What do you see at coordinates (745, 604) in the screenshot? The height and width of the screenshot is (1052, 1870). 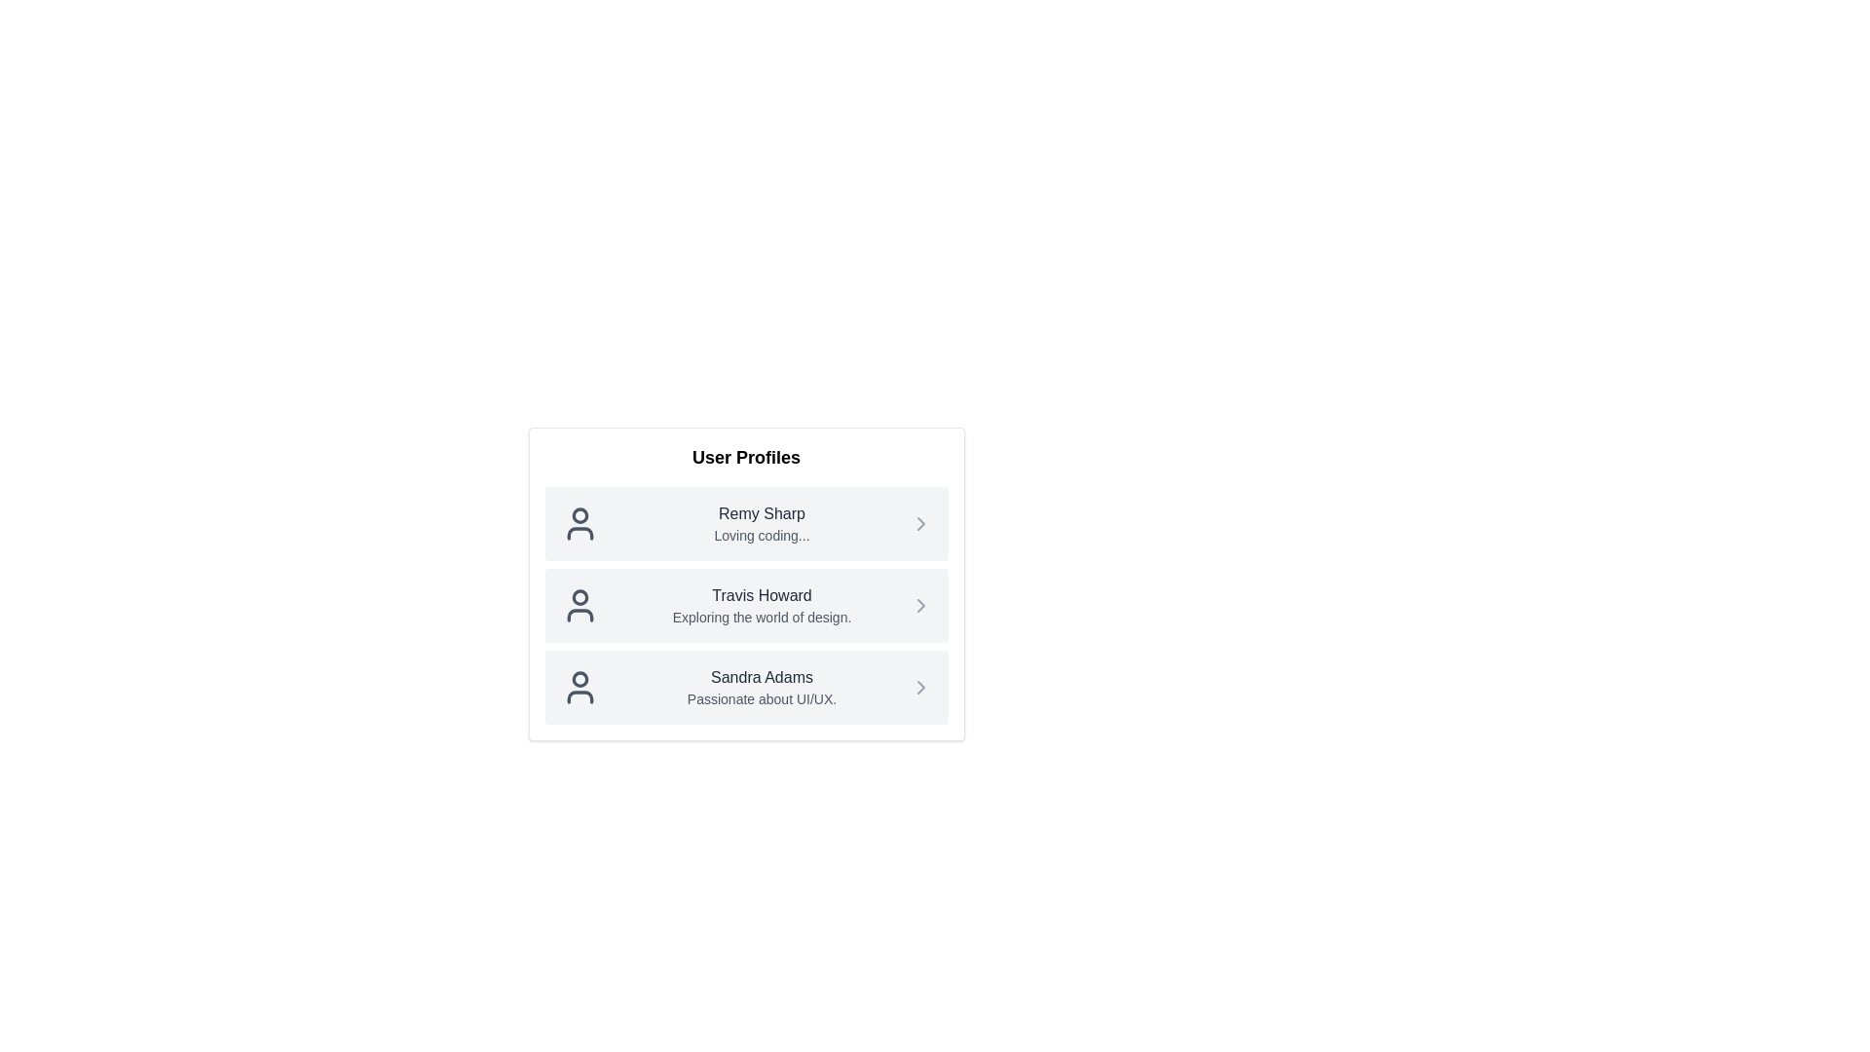 I see `the user profile summary list item, which provides a quick overview of the user's name and interests, located centrally in the 'User Profiles' section as the second block in the list` at bounding box center [745, 604].